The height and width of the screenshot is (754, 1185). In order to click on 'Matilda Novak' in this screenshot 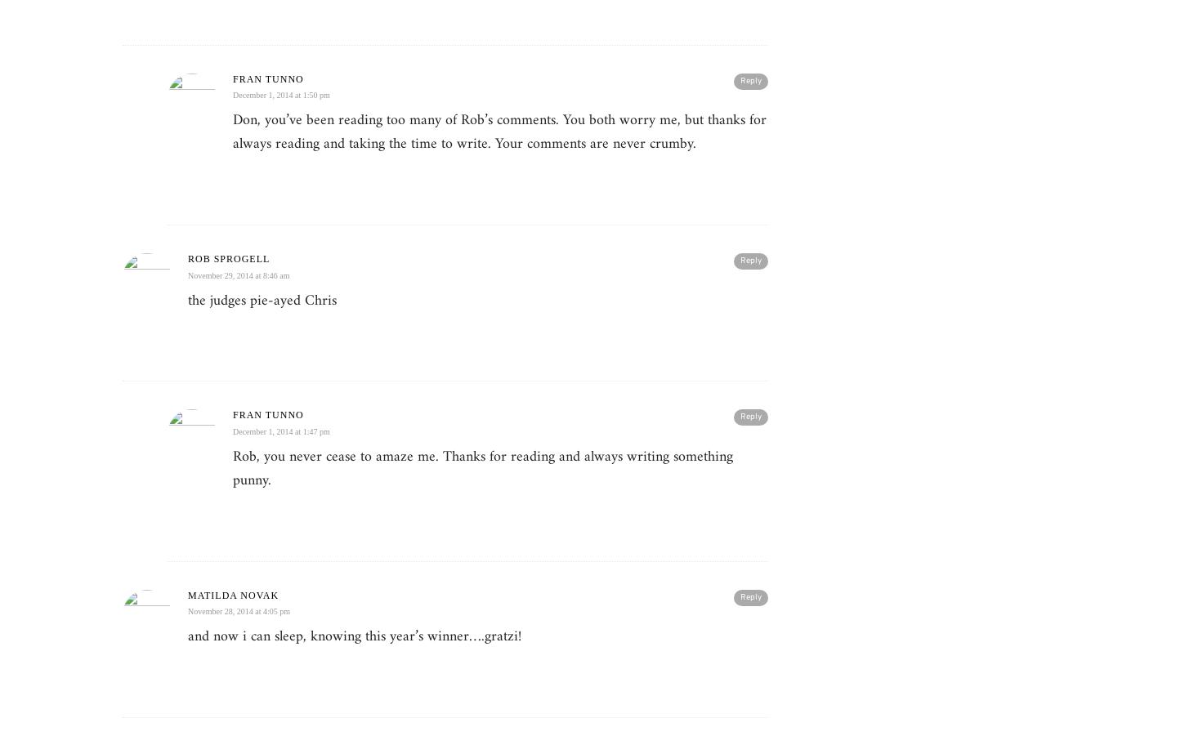, I will do `click(233, 593)`.